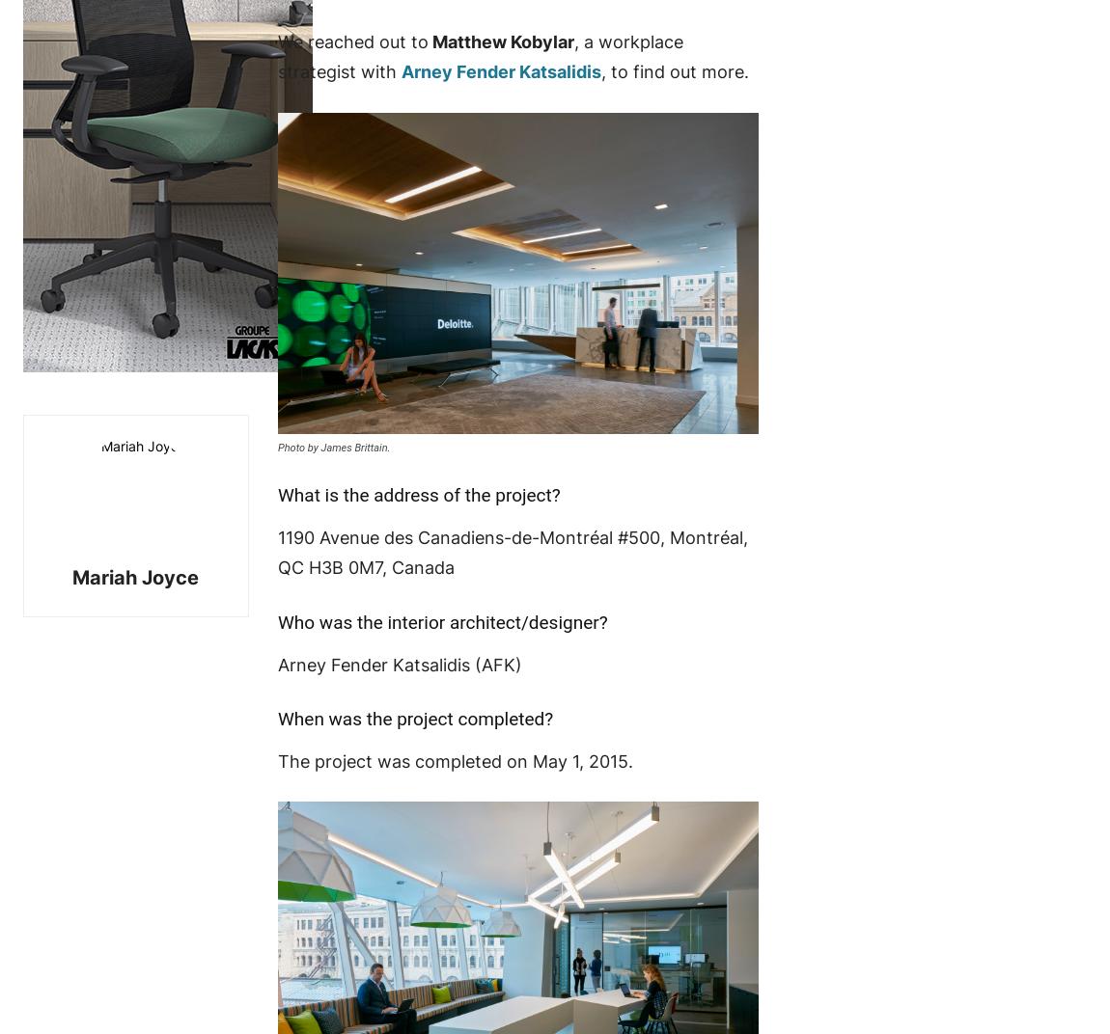 This screenshot has height=1034, width=1110. I want to click on 'What is the address of the project?', so click(418, 495).